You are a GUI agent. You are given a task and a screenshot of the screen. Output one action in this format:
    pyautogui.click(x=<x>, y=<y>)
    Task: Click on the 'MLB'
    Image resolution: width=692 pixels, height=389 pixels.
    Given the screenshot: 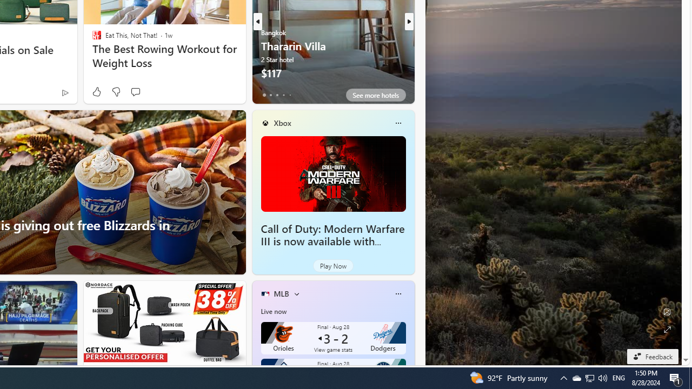 What is the action you would take?
    pyautogui.click(x=281, y=293)
    